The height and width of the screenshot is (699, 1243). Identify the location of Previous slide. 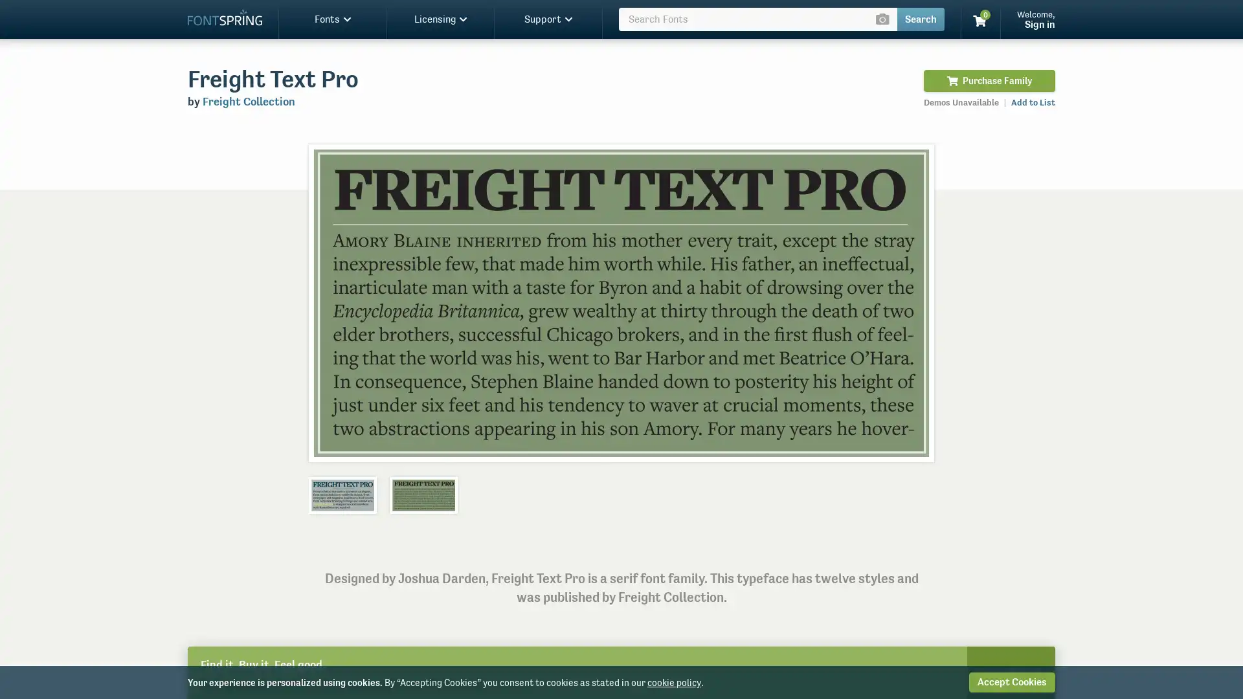
(332, 302).